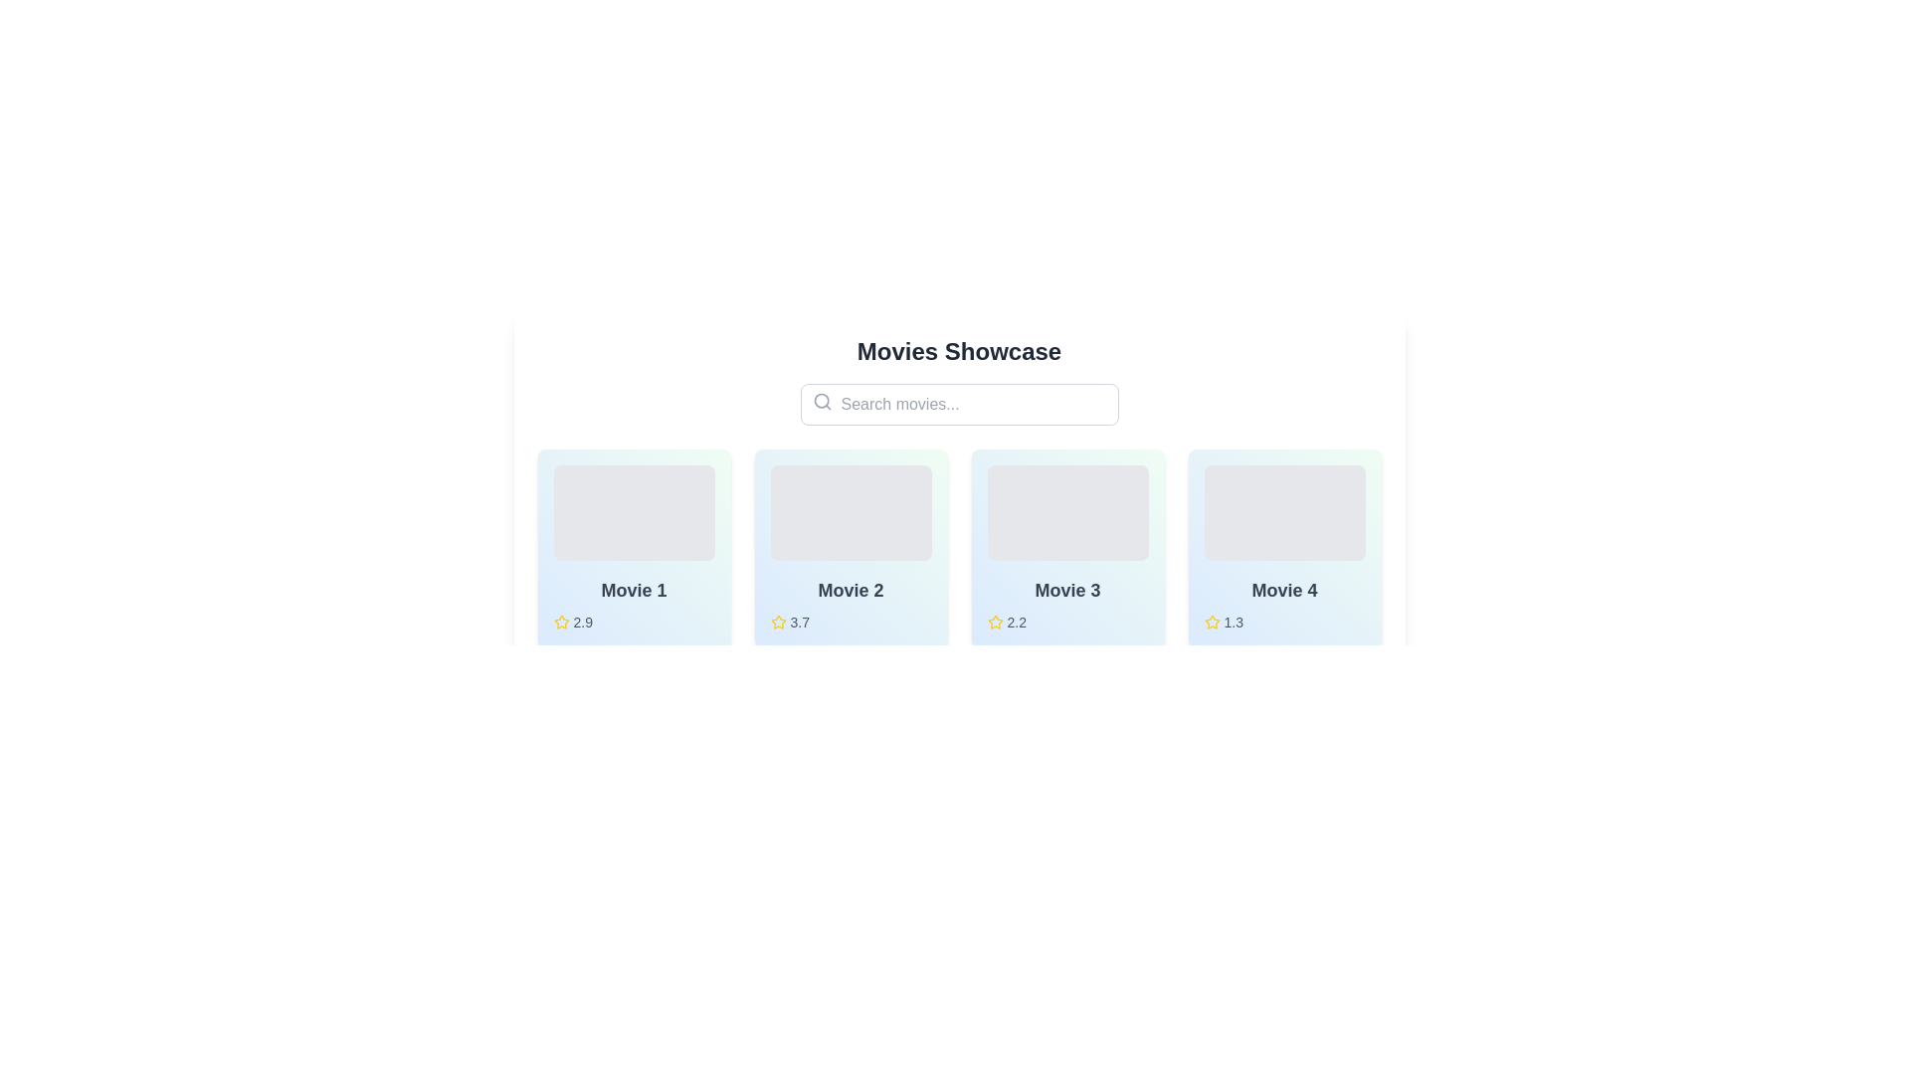 The width and height of the screenshot is (1910, 1074). I want to click on the static text label displaying the rating value for 'Movie 2', which is located next to a yellow star icon in the bottom center of the card, so click(800, 621).